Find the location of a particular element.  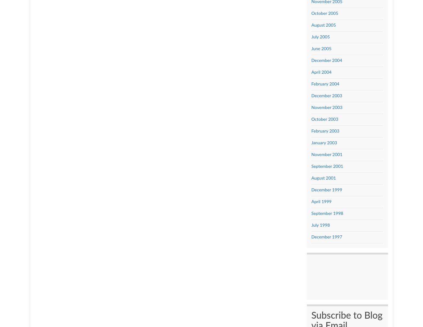

'November 2001' is located at coordinates (326, 154).